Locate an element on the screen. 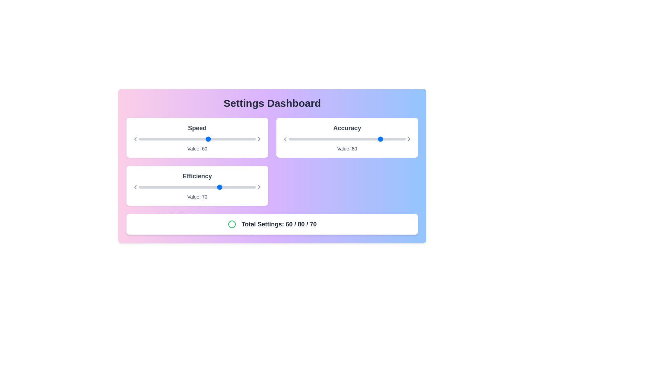  accuracy slider is located at coordinates (394, 139).